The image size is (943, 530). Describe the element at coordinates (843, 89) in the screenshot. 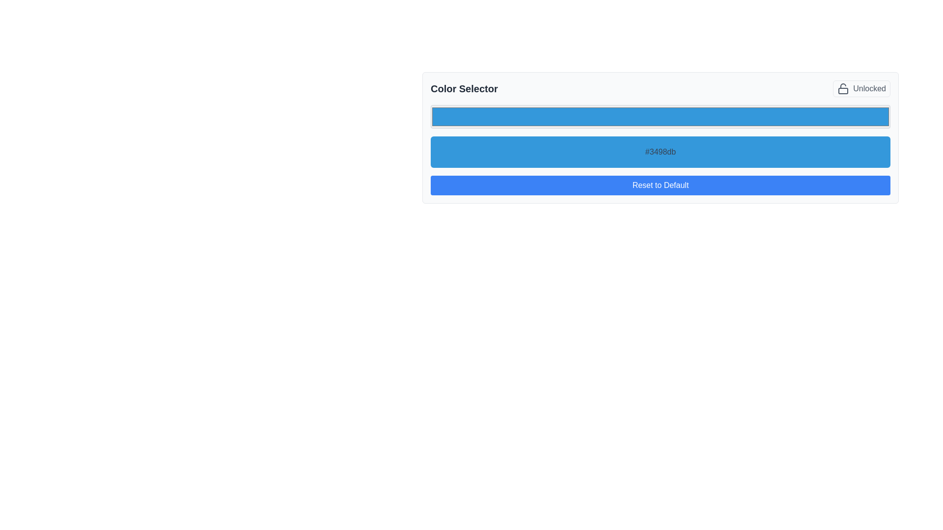

I see `the open lock icon located to the left of the 'Unlocked' text in the top-right section of the interface` at that location.